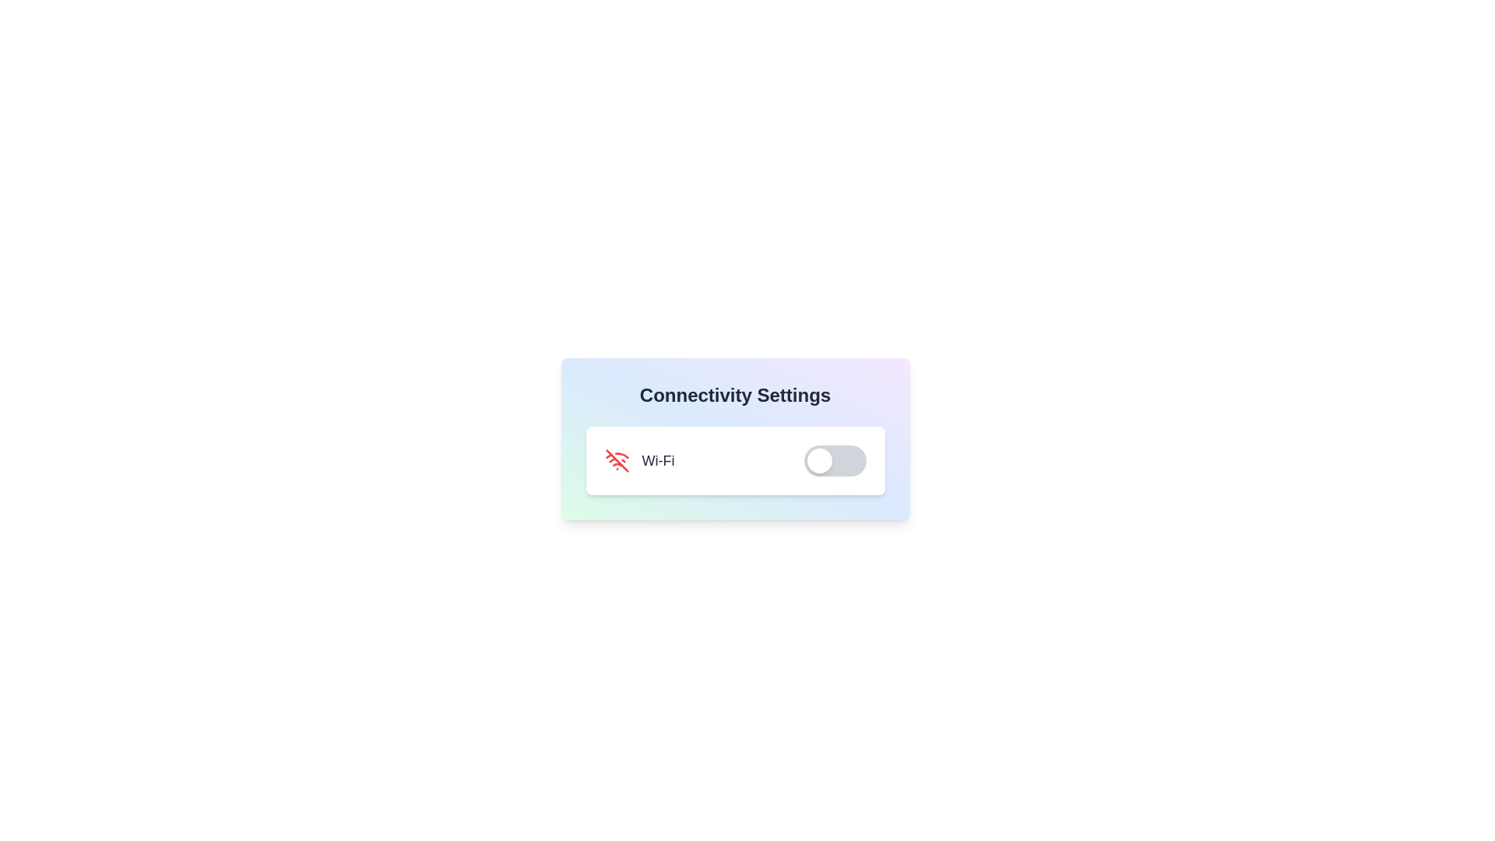  Describe the element at coordinates (621, 456) in the screenshot. I see `the Wi-Fi symbol icon, which is part of a rounded rectangle card labeled 'Wi-Fi' located in the upper left of the card under 'Connectivity Settings'` at that location.